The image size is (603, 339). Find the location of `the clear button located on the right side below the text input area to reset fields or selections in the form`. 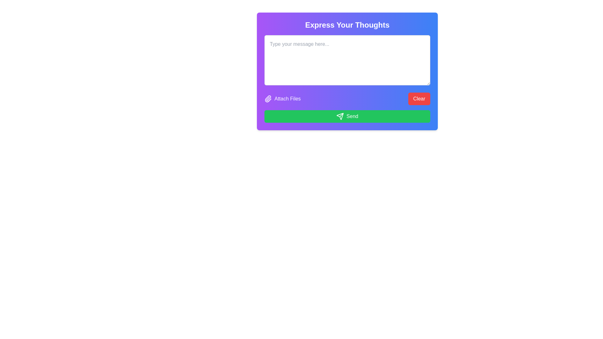

the clear button located on the right side below the text input area to reset fields or selections in the form is located at coordinates (419, 99).